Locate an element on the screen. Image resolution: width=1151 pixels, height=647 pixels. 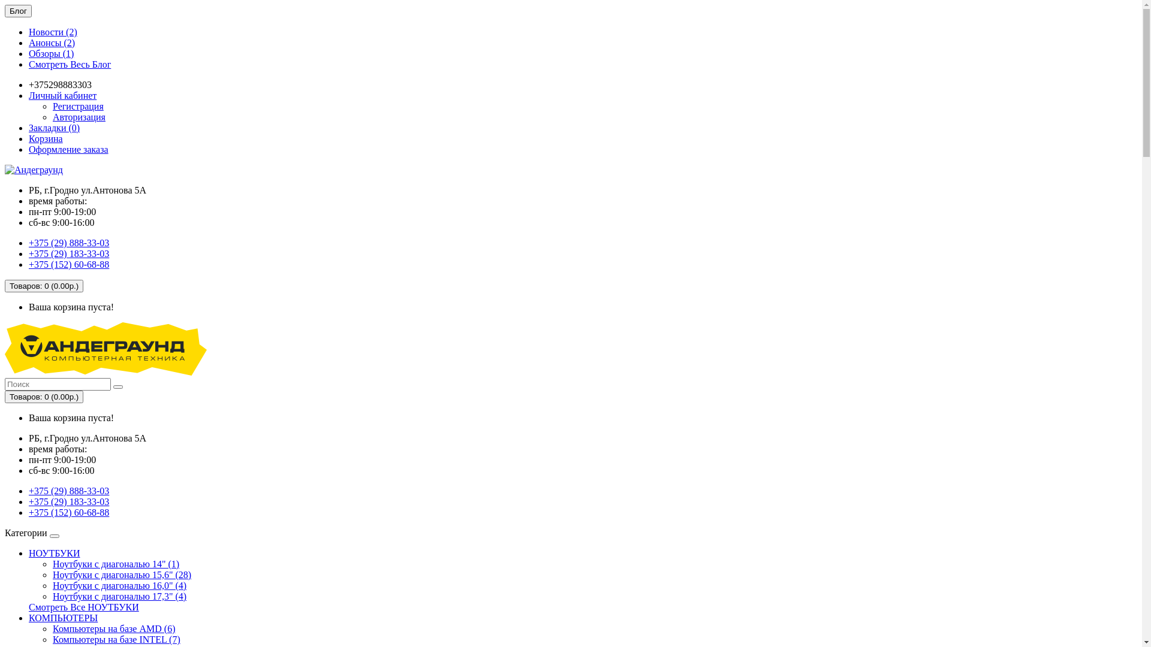
'+375 (29) 888-33-03' is located at coordinates (68, 243).